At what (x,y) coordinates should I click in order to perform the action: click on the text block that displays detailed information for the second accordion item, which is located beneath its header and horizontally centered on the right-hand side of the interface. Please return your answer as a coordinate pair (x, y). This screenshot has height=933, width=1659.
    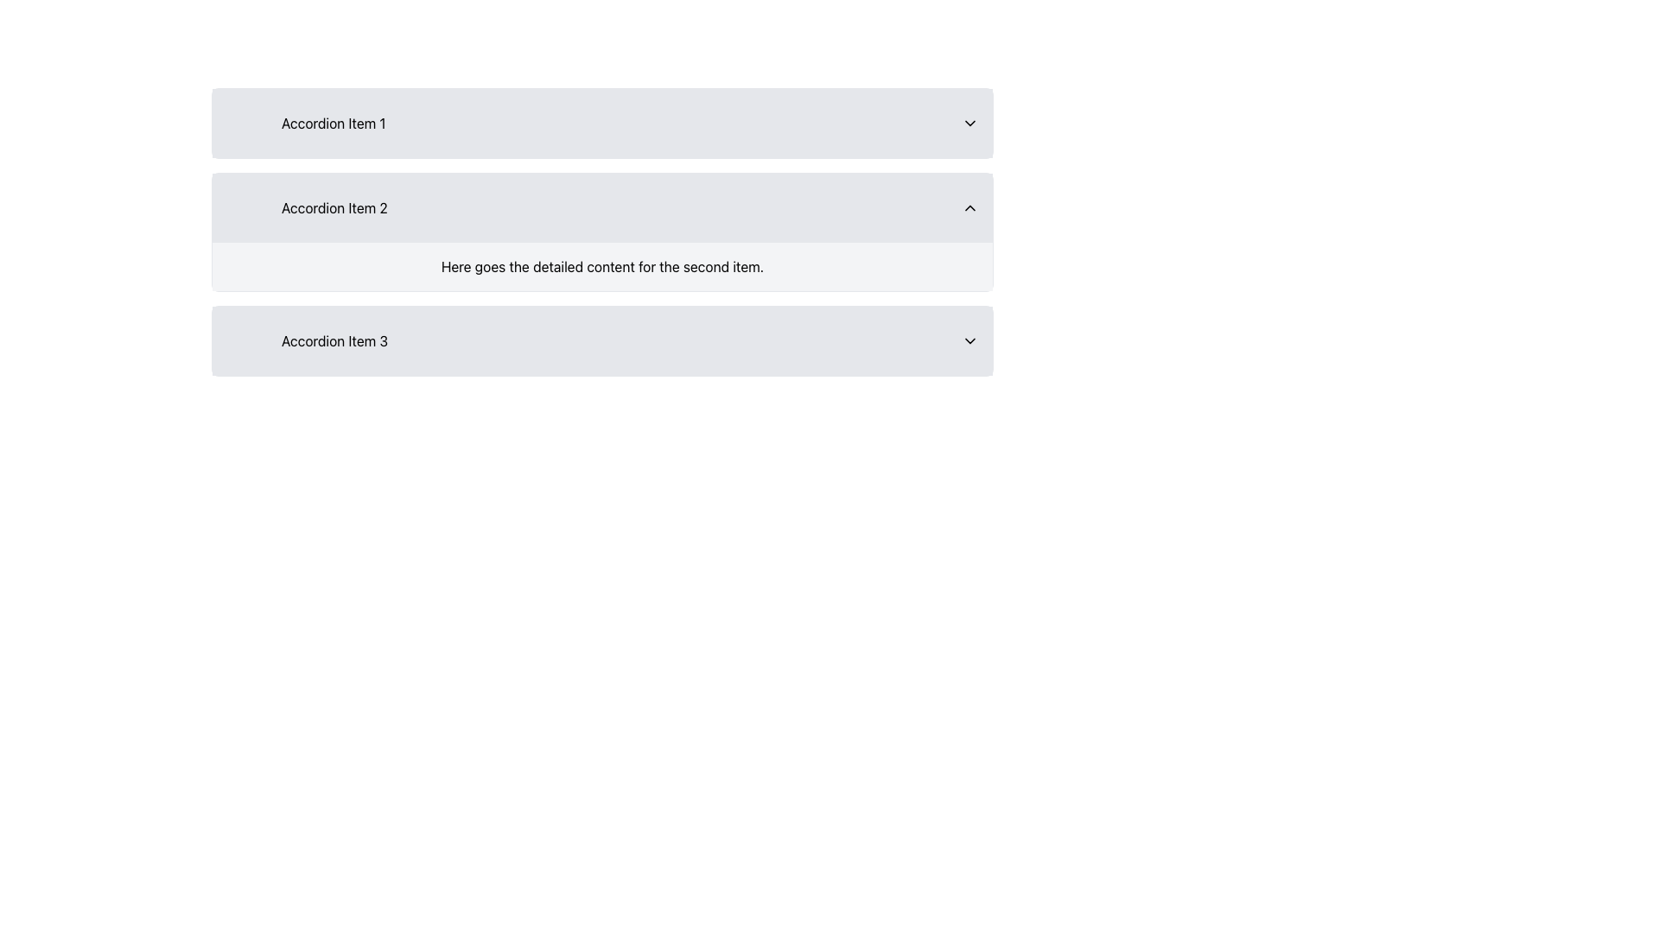
    Looking at the image, I should click on (602, 266).